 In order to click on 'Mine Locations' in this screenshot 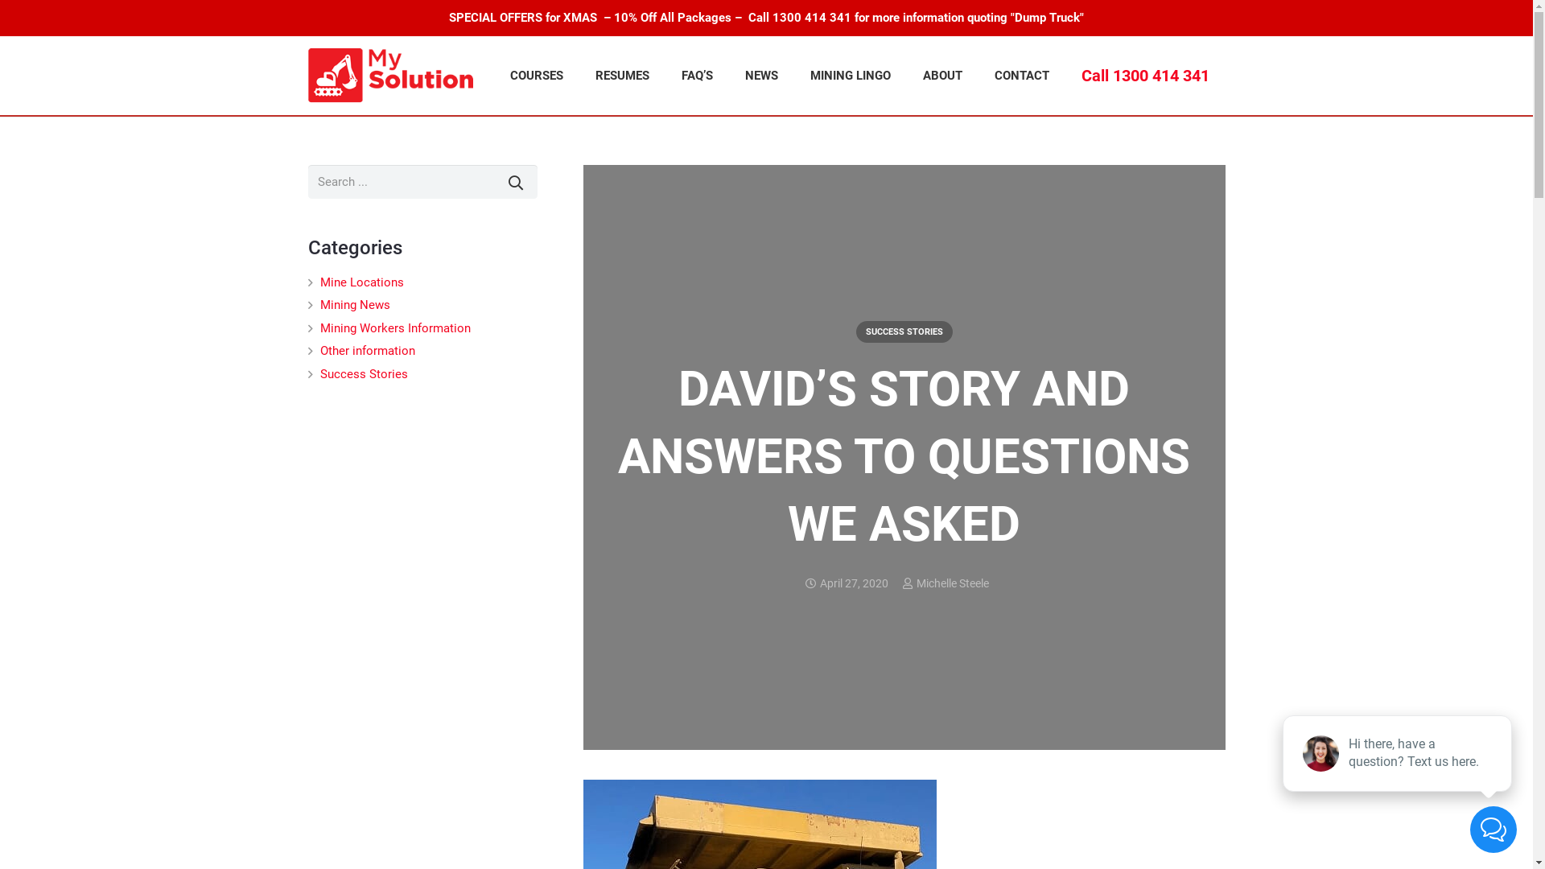, I will do `click(320, 282)`.